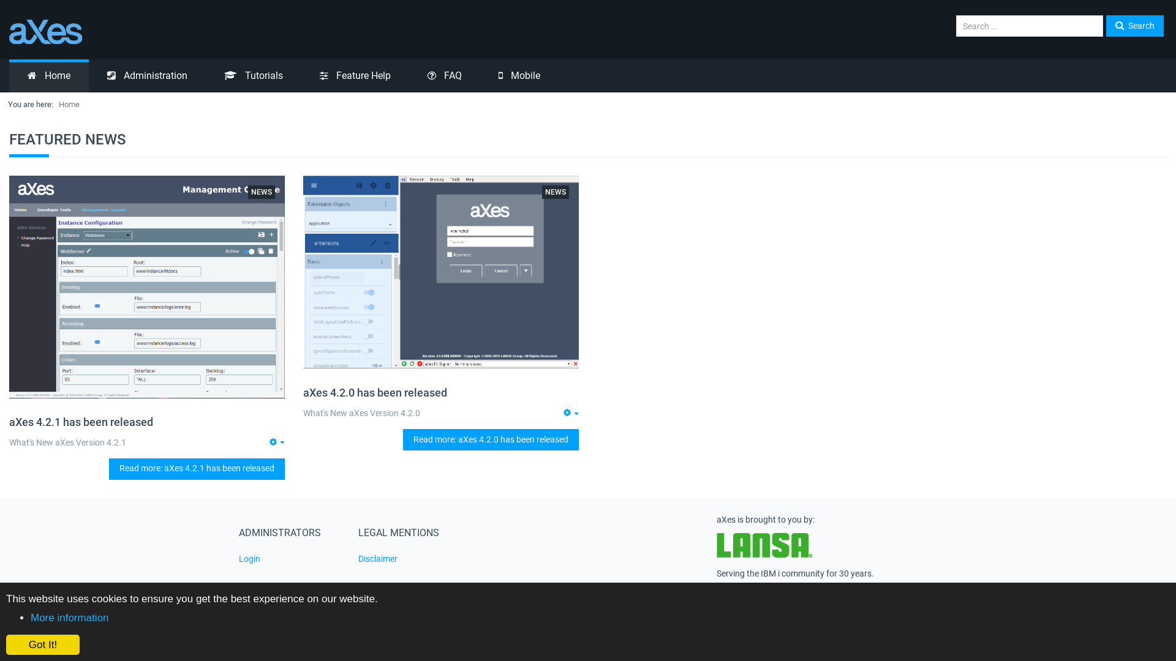  I want to click on 'Got It!', so click(43, 644).